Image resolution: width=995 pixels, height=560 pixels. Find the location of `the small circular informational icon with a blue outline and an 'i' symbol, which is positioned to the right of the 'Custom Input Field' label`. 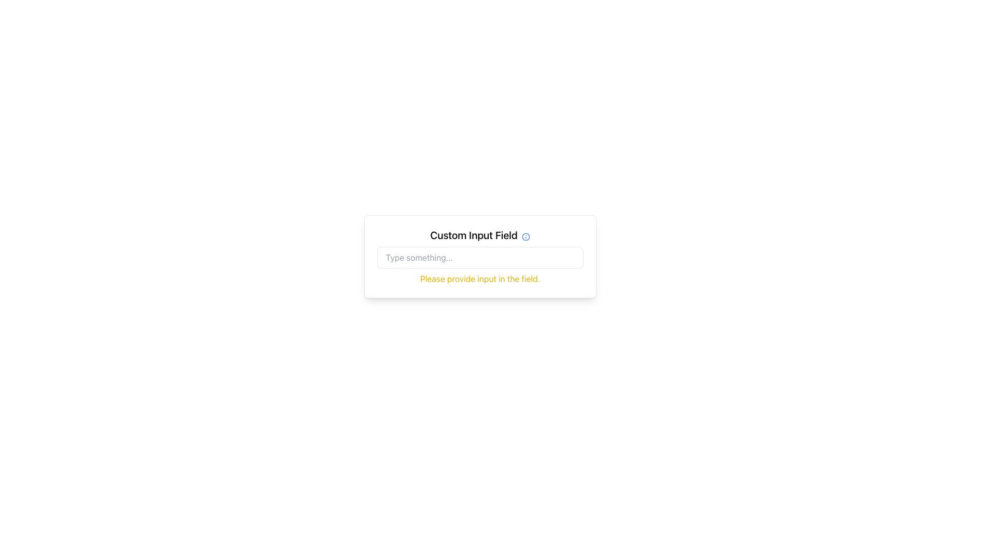

the small circular informational icon with a blue outline and an 'i' symbol, which is positioned to the right of the 'Custom Input Field' label is located at coordinates (525, 235).